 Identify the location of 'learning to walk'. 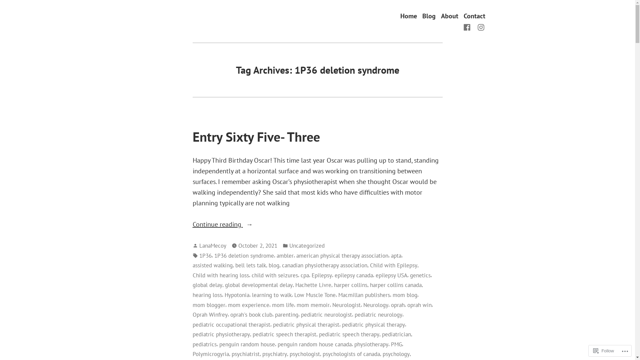
(272, 294).